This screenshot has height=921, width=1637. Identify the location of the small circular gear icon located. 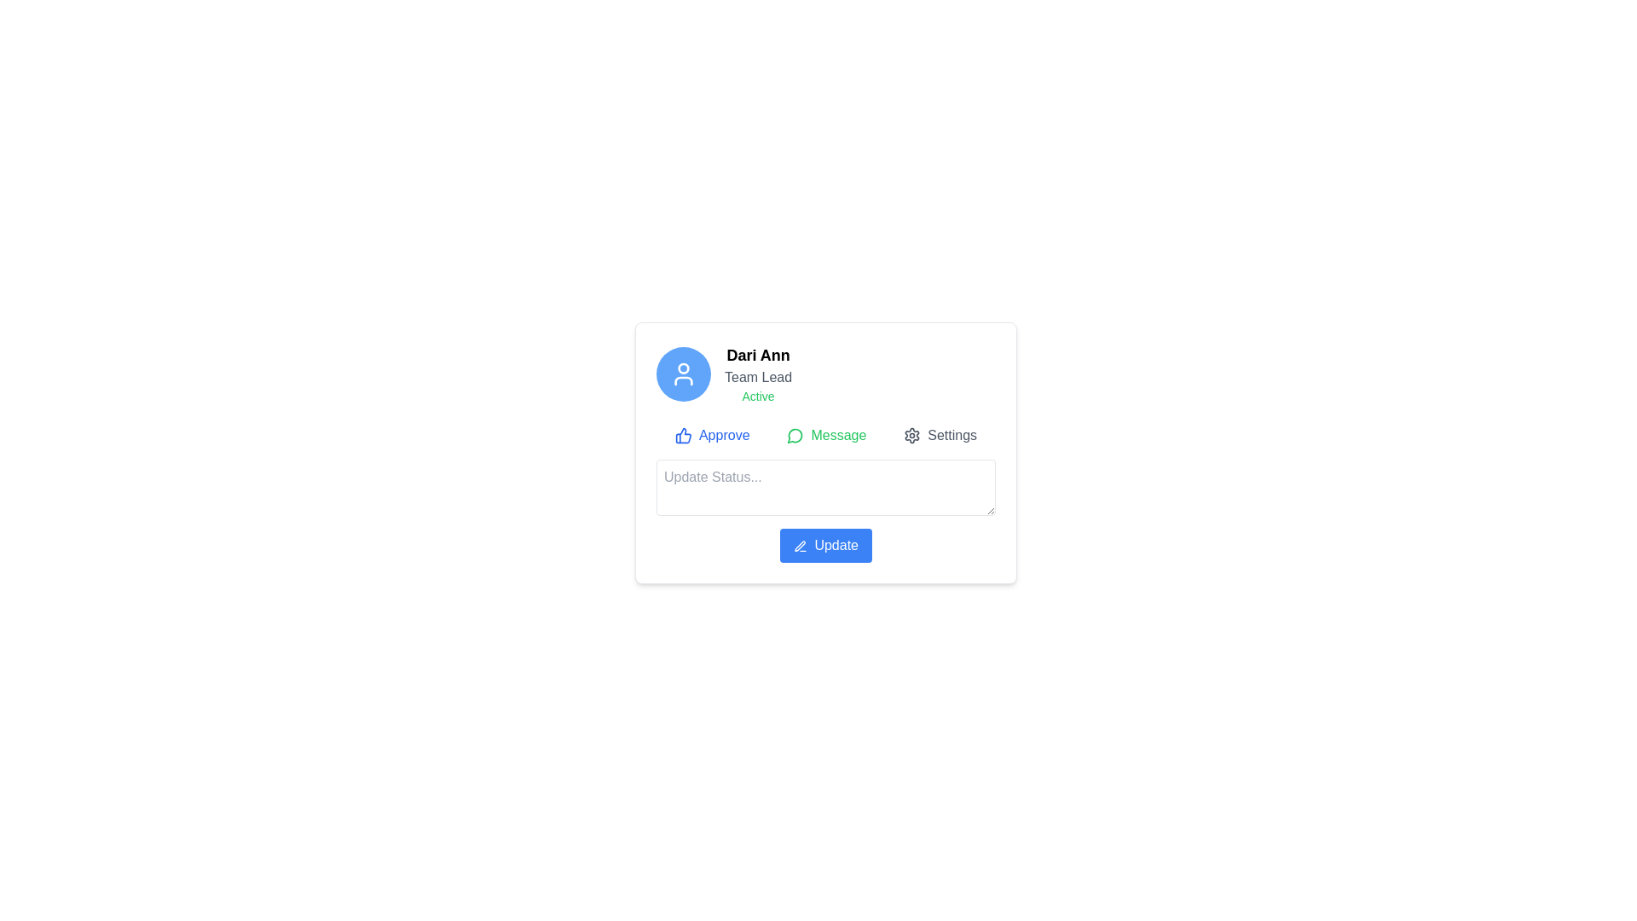
(911, 434).